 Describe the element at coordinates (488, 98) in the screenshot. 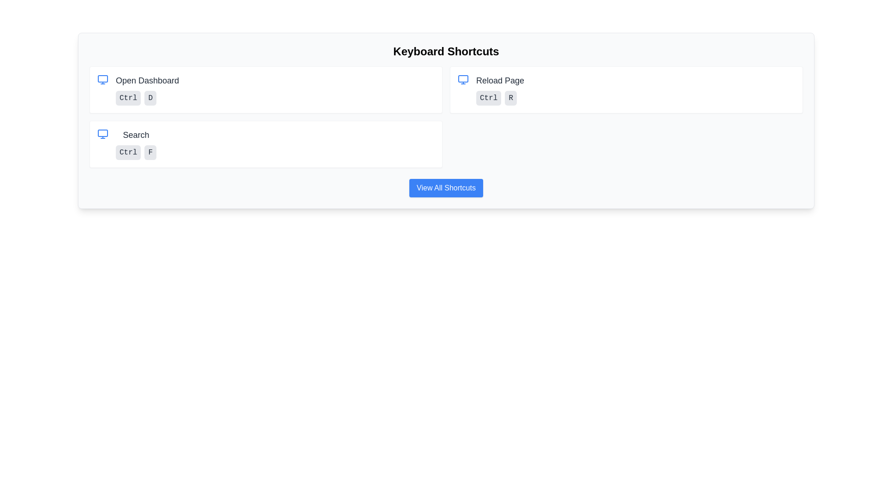

I see `text of the 'Ctrl' key label styled as a UI button located under the 'Reload Page' section in the 'Keyboard Shortcuts' interface` at that location.